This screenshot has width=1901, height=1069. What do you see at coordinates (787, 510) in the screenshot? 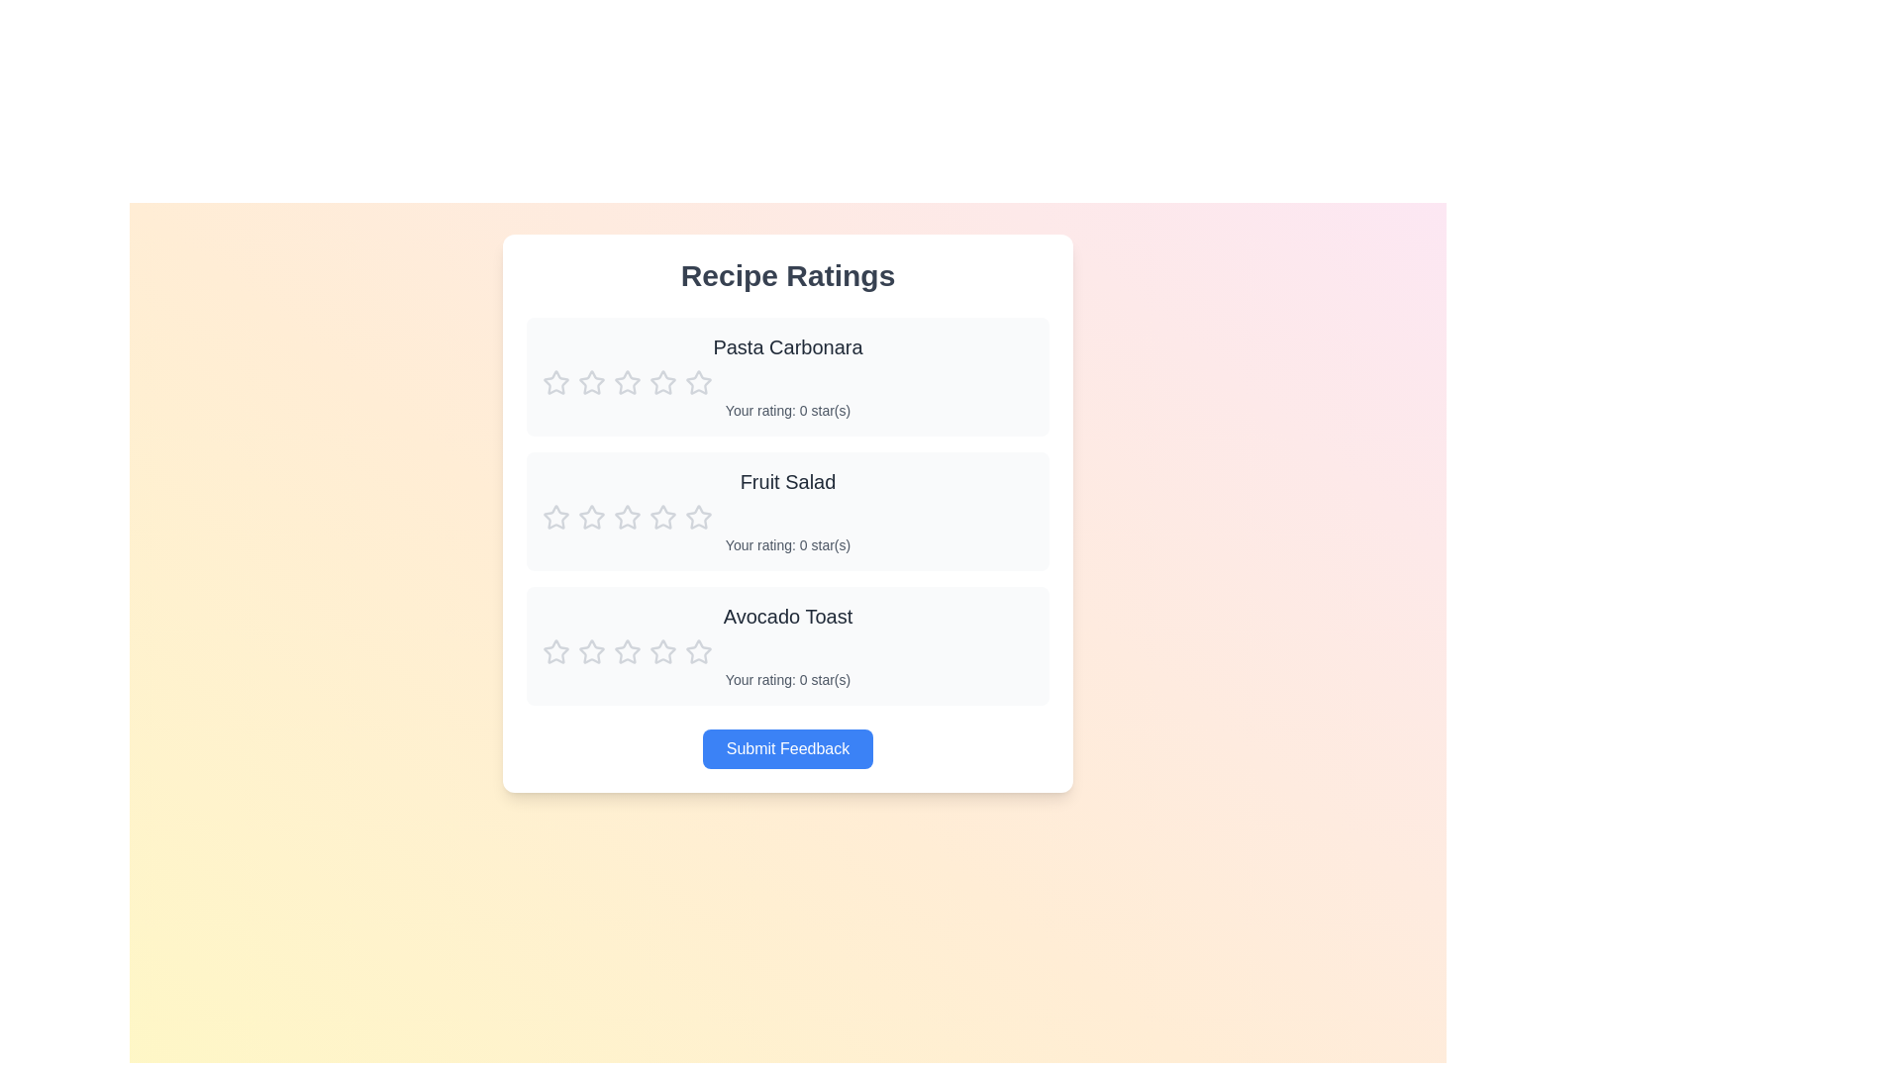
I see `a star icon in the Rating Component Block to rate the recipe 'Fruit Salad', which is the second item in a vertical stack of recipe ratings` at bounding box center [787, 510].